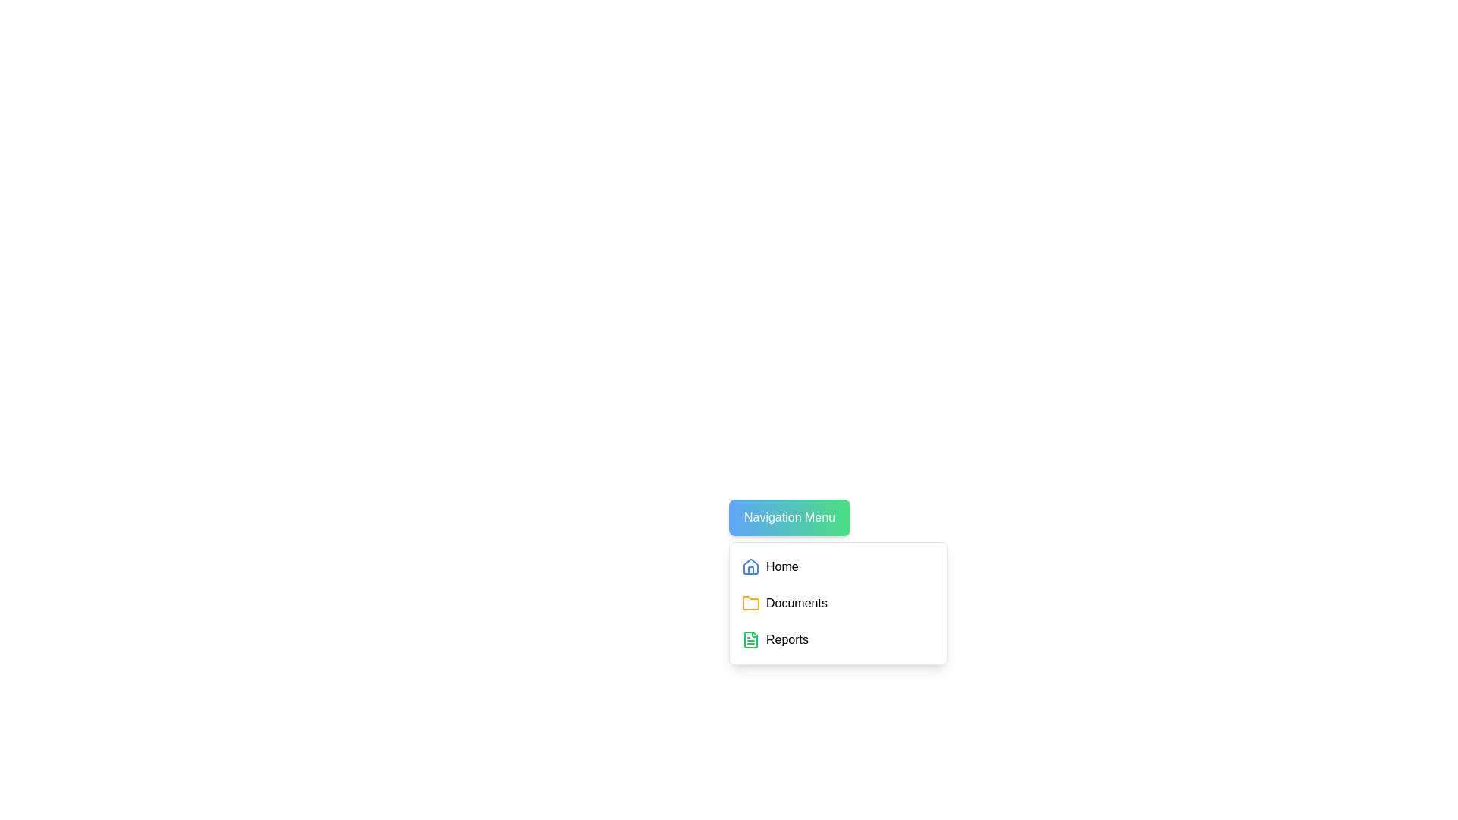 The width and height of the screenshot is (1458, 820). Describe the element at coordinates (837, 602) in the screenshot. I see `the 'Documents' menu item` at that location.